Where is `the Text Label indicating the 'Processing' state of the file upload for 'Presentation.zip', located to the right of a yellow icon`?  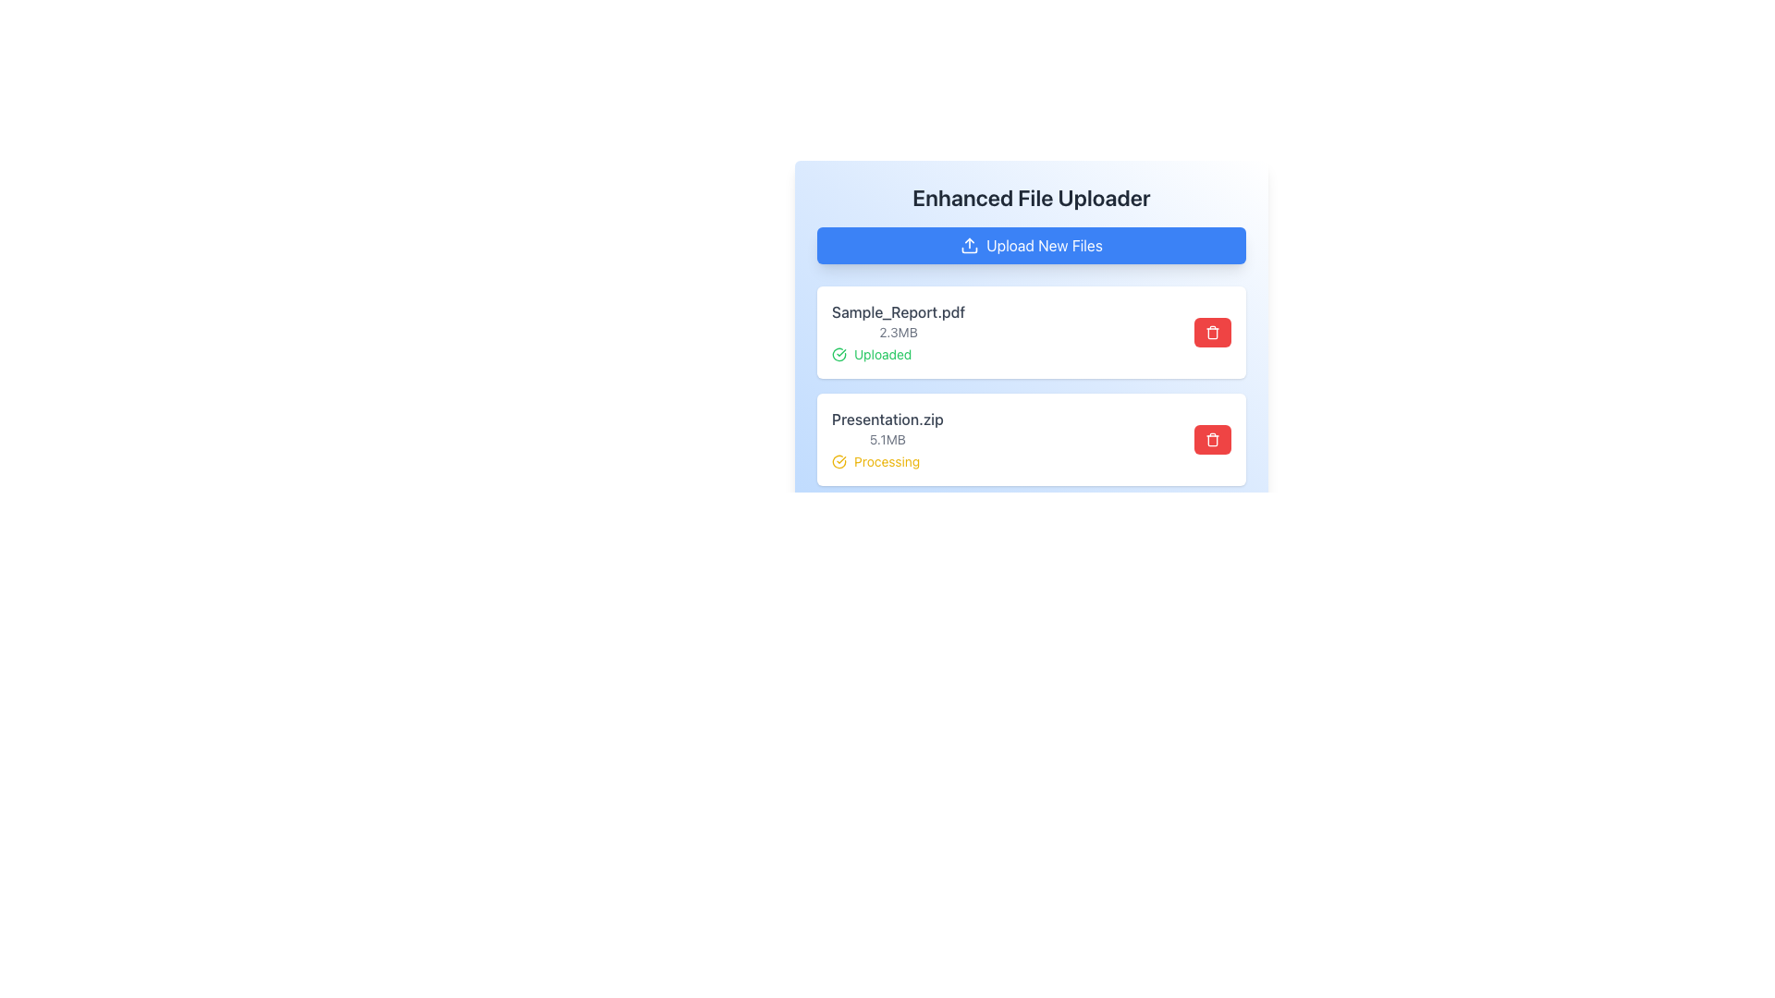 the Text Label indicating the 'Processing' state of the file upload for 'Presentation.zip', located to the right of a yellow icon is located at coordinates (886, 461).